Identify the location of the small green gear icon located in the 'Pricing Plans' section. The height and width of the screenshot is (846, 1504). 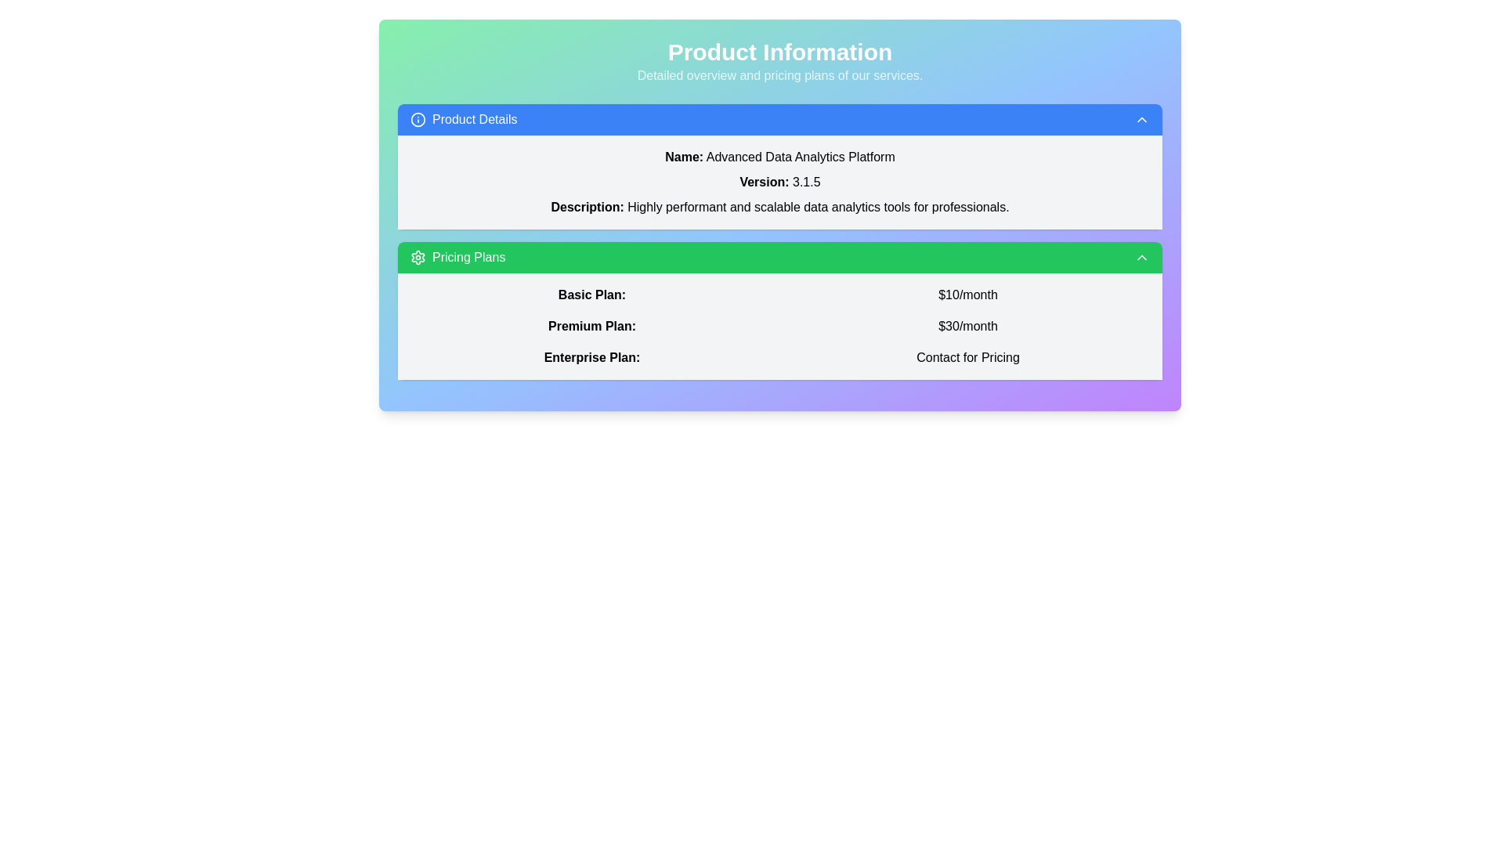
(418, 256).